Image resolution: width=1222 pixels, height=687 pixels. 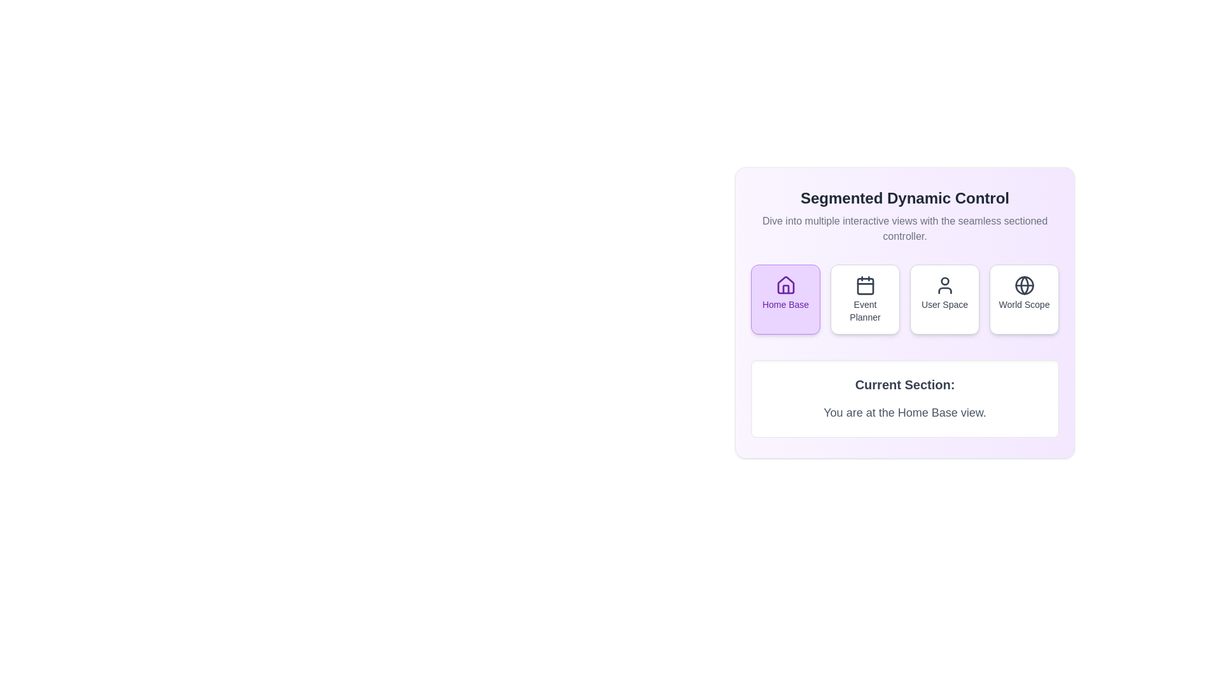 What do you see at coordinates (1024, 299) in the screenshot?
I see `the fourth button in the 'Segmented Dynamic Control' section, which redirects to the 'World Scope' section` at bounding box center [1024, 299].